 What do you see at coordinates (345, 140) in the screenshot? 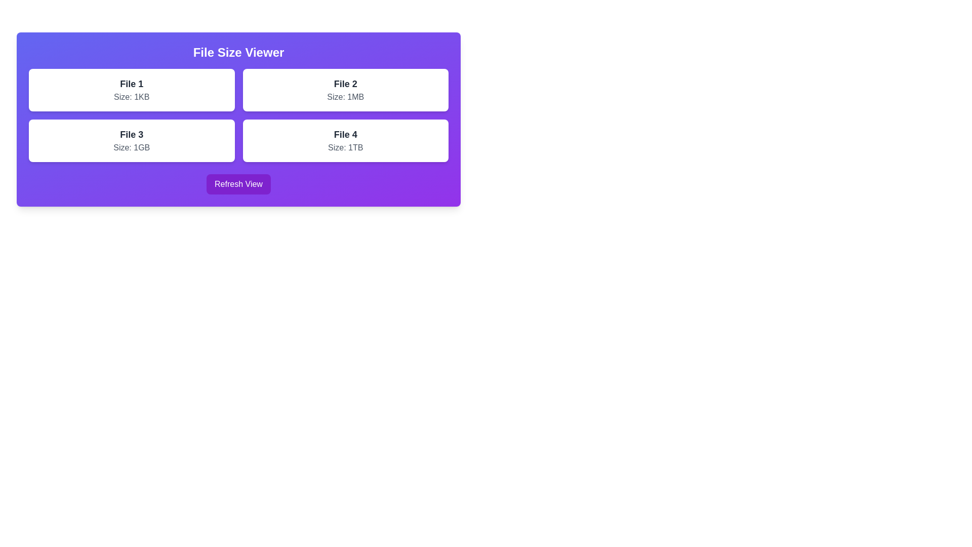
I see `the Card component titled 'File 4' located in the bottom-right quadrant of the grid layout` at bounding box center [345, 140].